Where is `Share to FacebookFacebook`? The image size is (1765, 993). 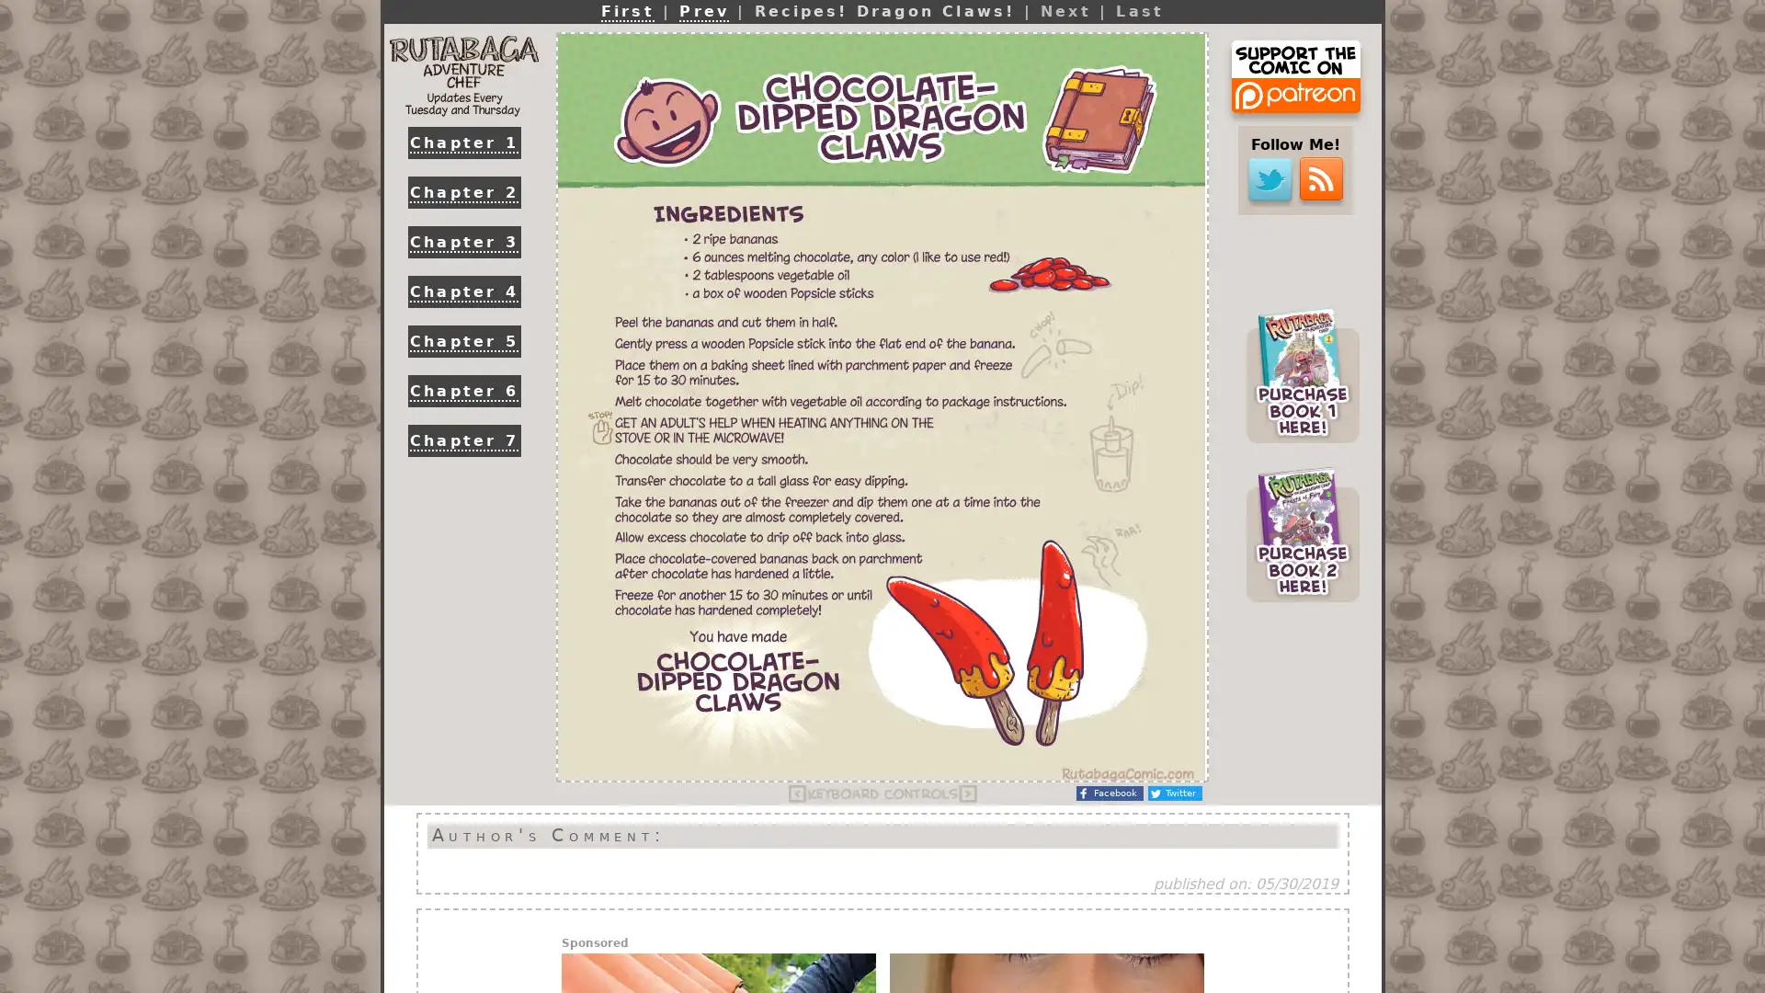
Share to FacebookFacebook is located at coordinates (1109, 793).